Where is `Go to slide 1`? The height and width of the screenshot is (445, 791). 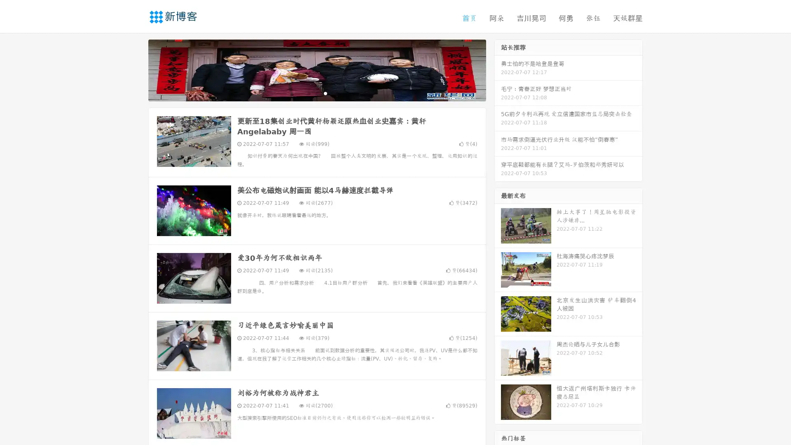
Go to slide 1 is located at coordinates (308, 93).